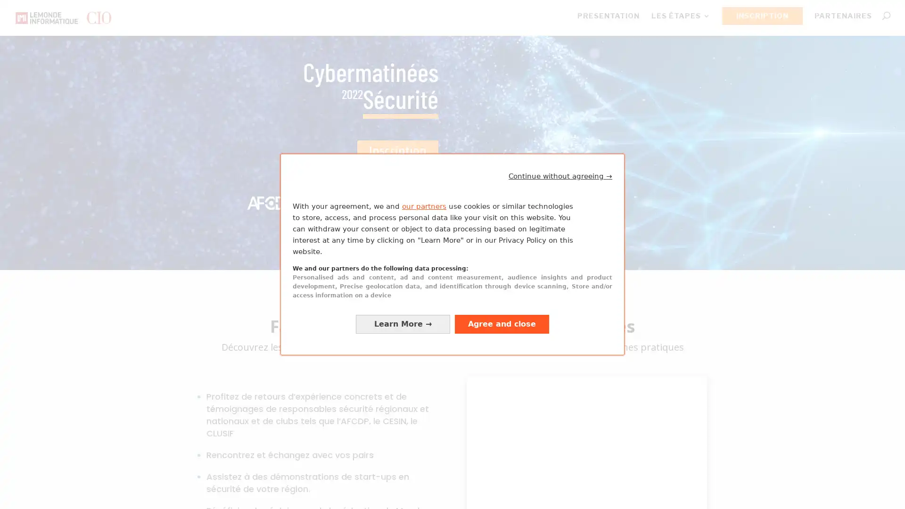 The height and width of the screenshot is (509, 905). I want to click on Configure your consents, so click(403, 323).